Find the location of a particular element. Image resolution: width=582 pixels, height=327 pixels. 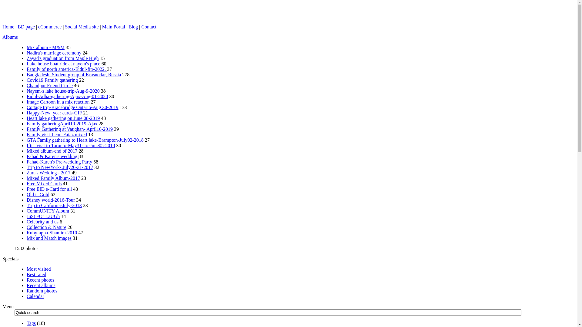

'Fahad & Karen's wedding' is located at coordinates (52, 156).